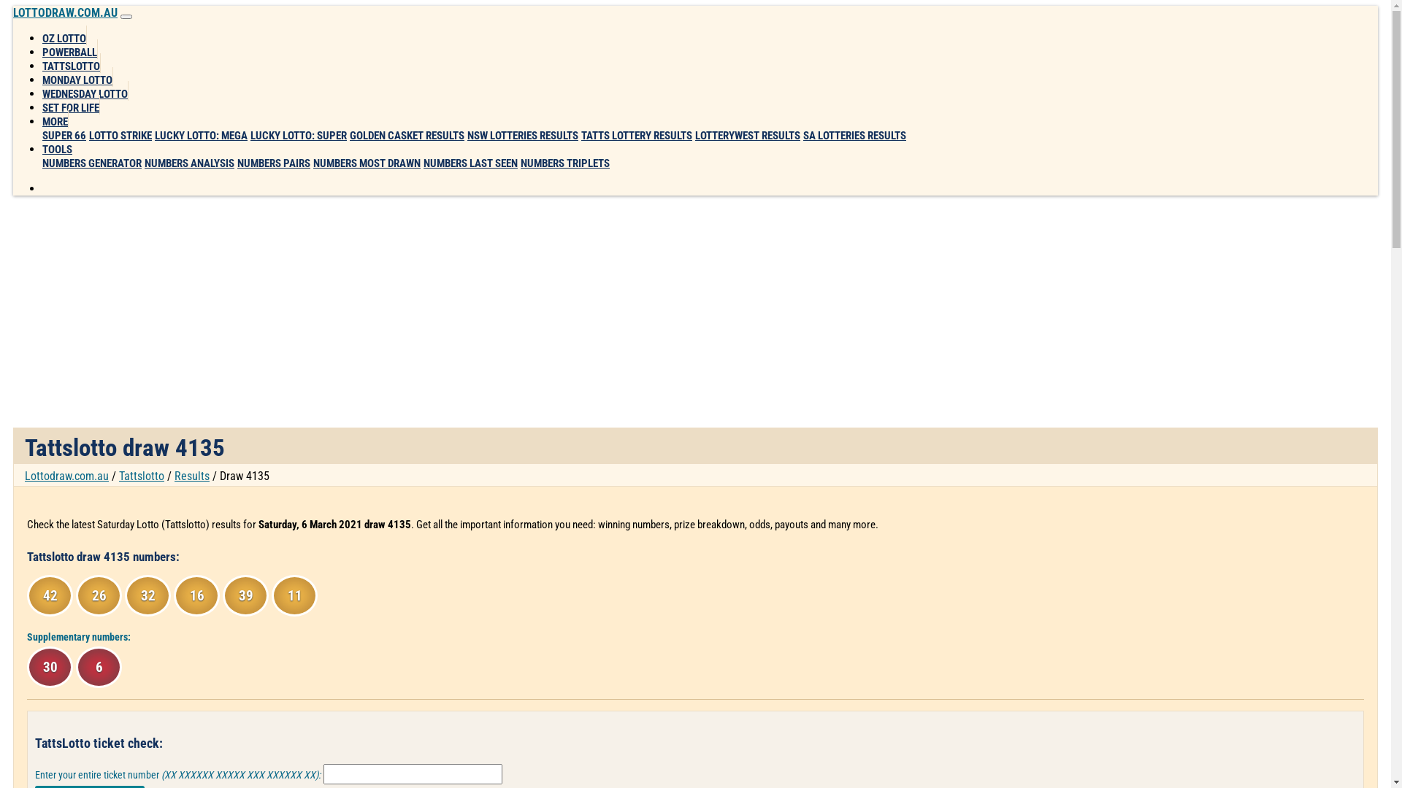  I want to click on 'LOTTODRAW.COM.AU', so click(64, 12).